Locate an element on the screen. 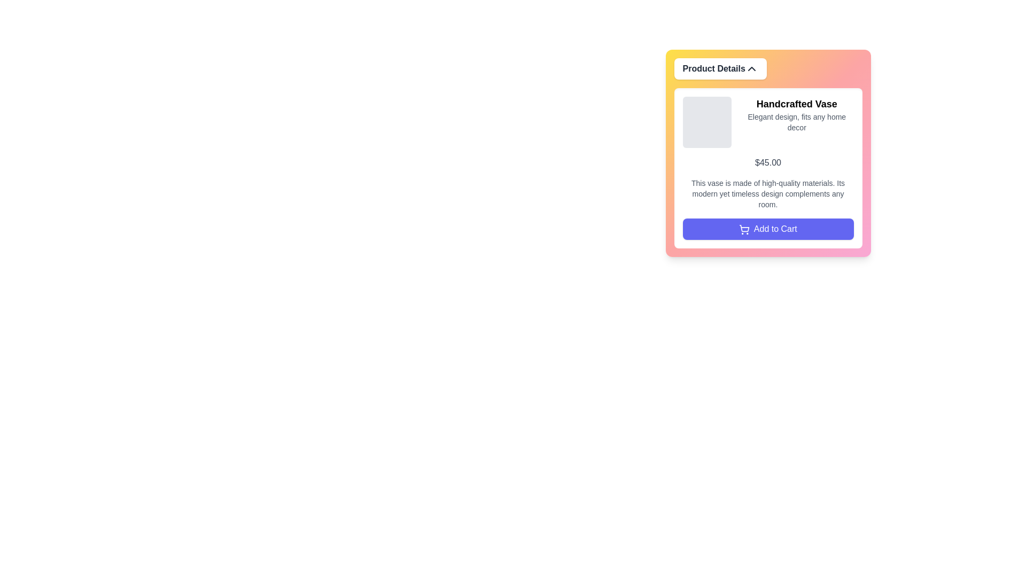  the collapsible button for the 'Product Details' section is located at coordinates (720, 68).